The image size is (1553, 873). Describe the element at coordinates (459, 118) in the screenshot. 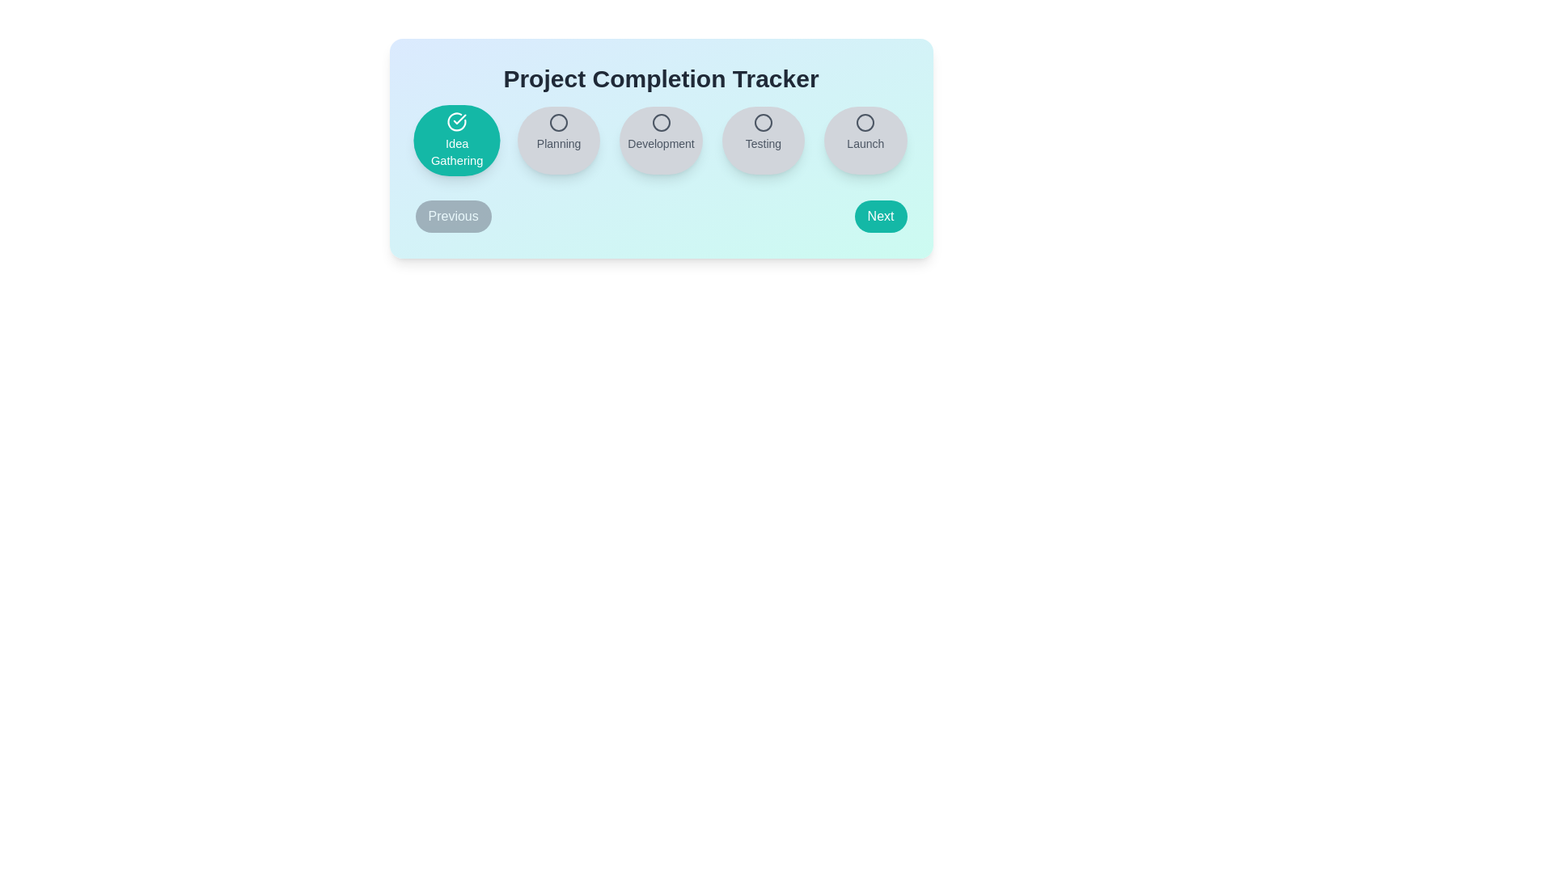

I see `the checkmark-shaped icon within the circular visual representing the 'Idea Gathering' stage, which is located on a green background` at that location.